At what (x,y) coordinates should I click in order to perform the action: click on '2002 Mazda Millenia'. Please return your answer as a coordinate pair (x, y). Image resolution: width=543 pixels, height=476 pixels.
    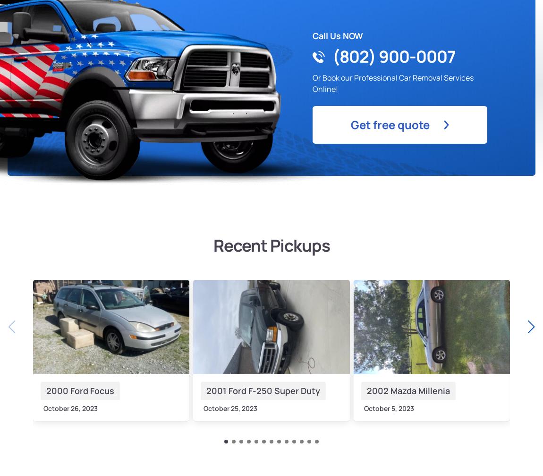
    Looking at the image, I should click on (407, 390).